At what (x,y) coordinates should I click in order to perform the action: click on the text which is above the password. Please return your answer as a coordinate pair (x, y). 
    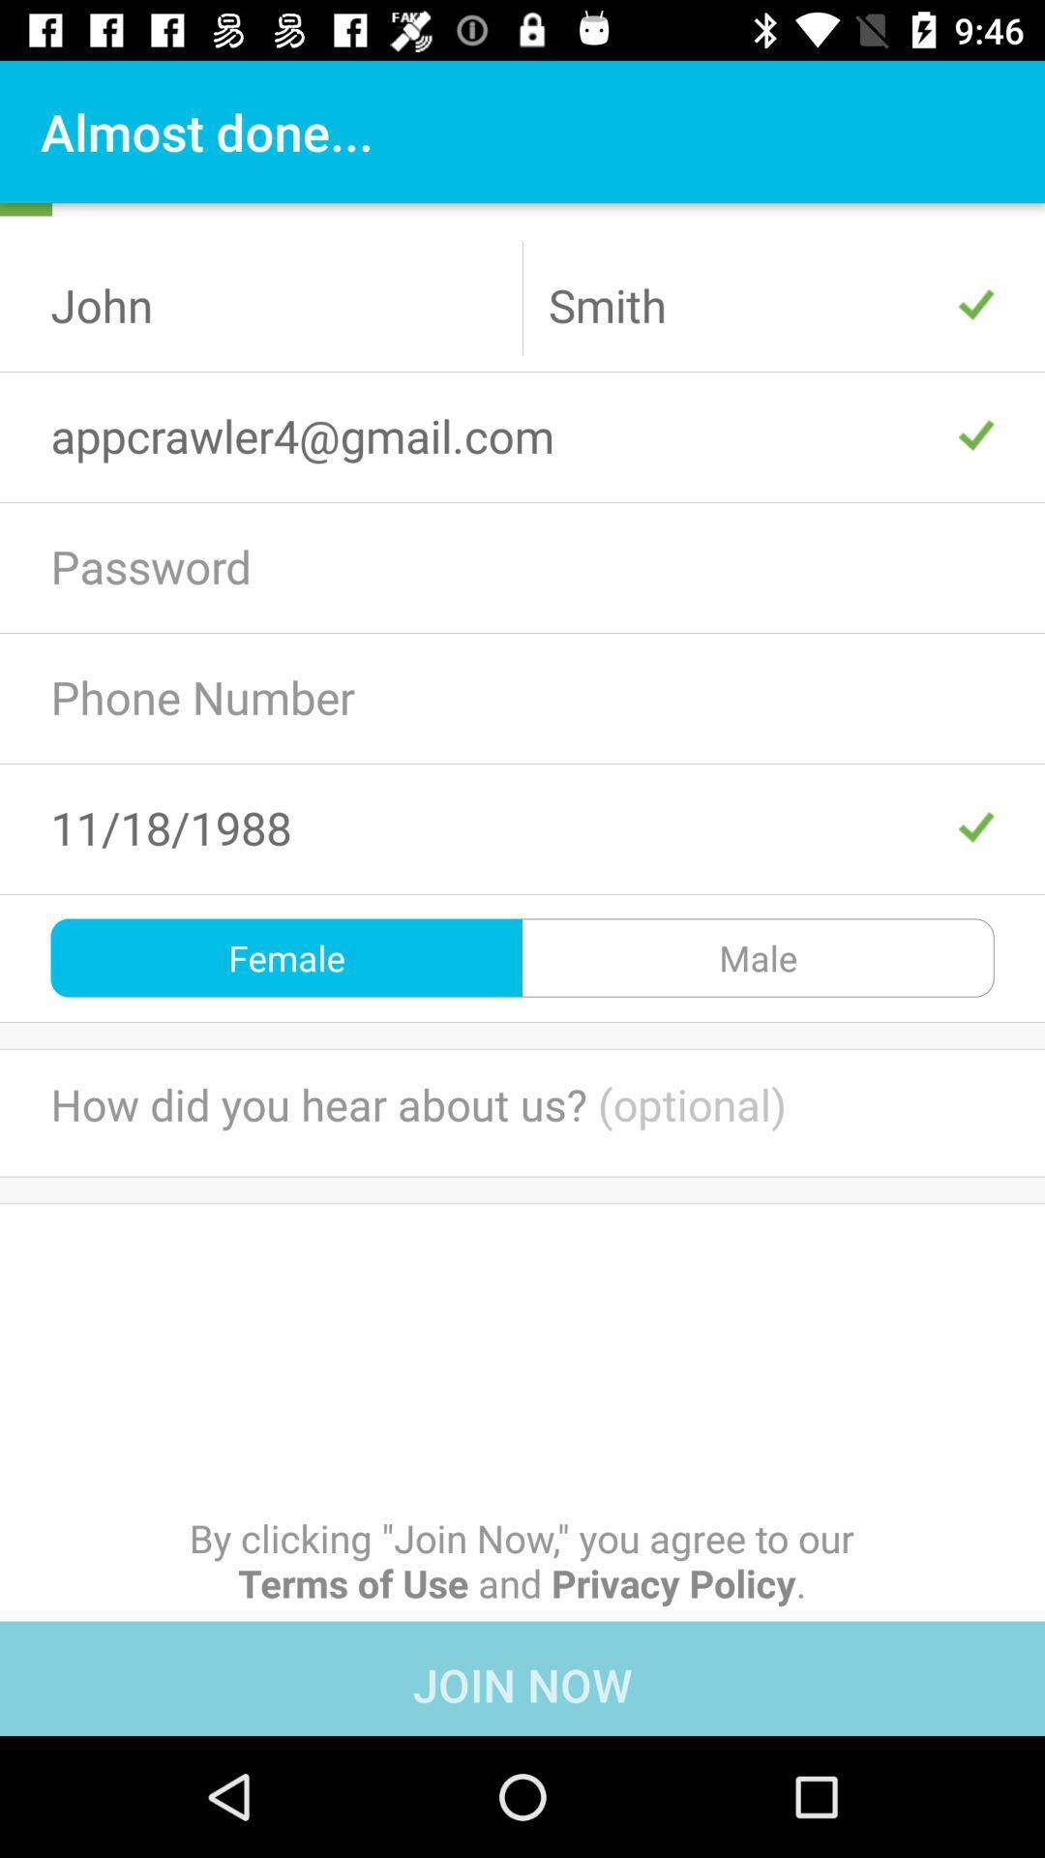
    Looking at the image, I should click on (522, 435).